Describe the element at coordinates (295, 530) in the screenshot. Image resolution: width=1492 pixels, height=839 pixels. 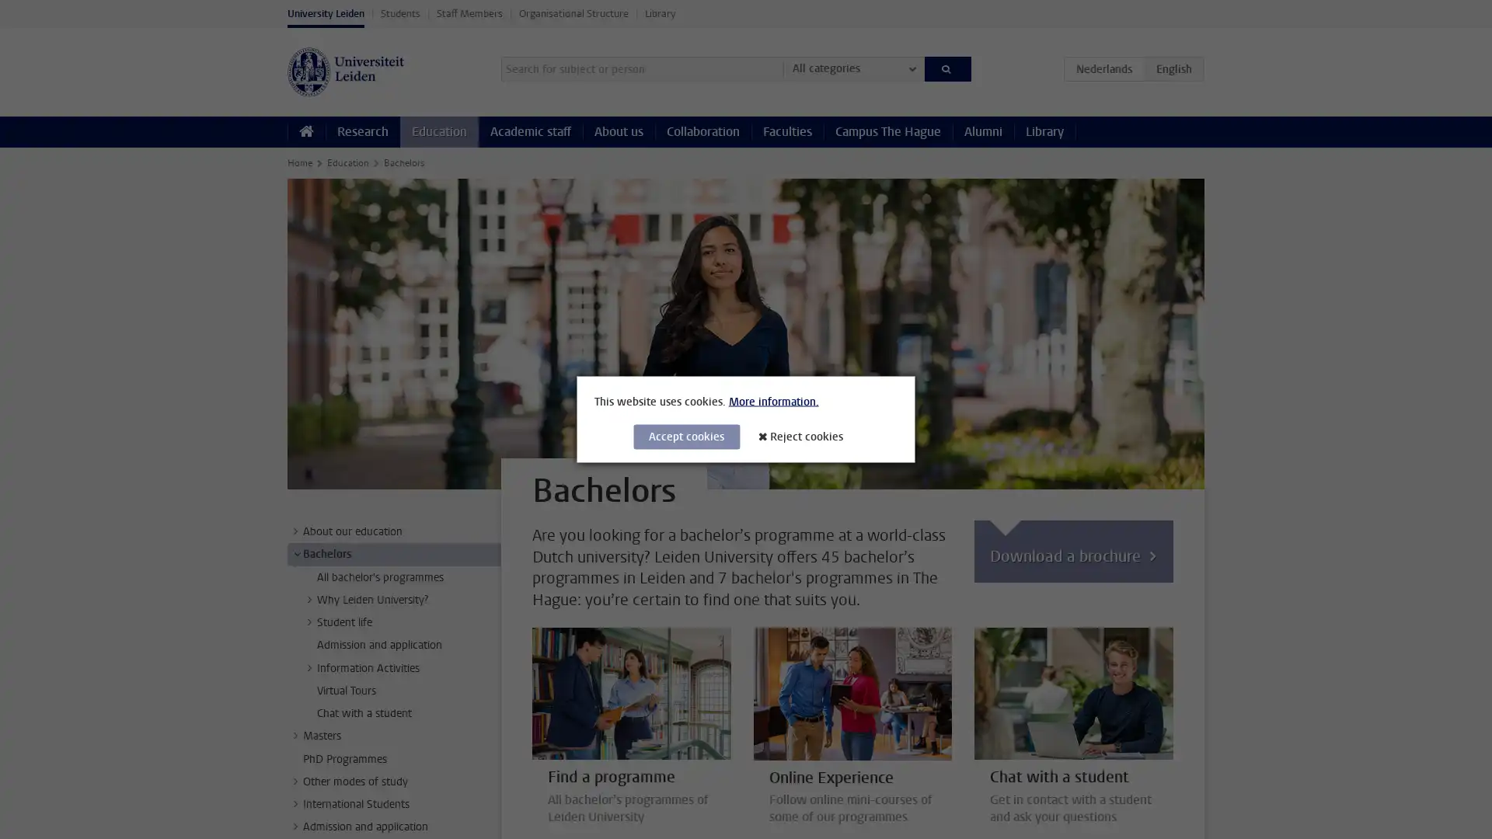
I see `>` at that location.